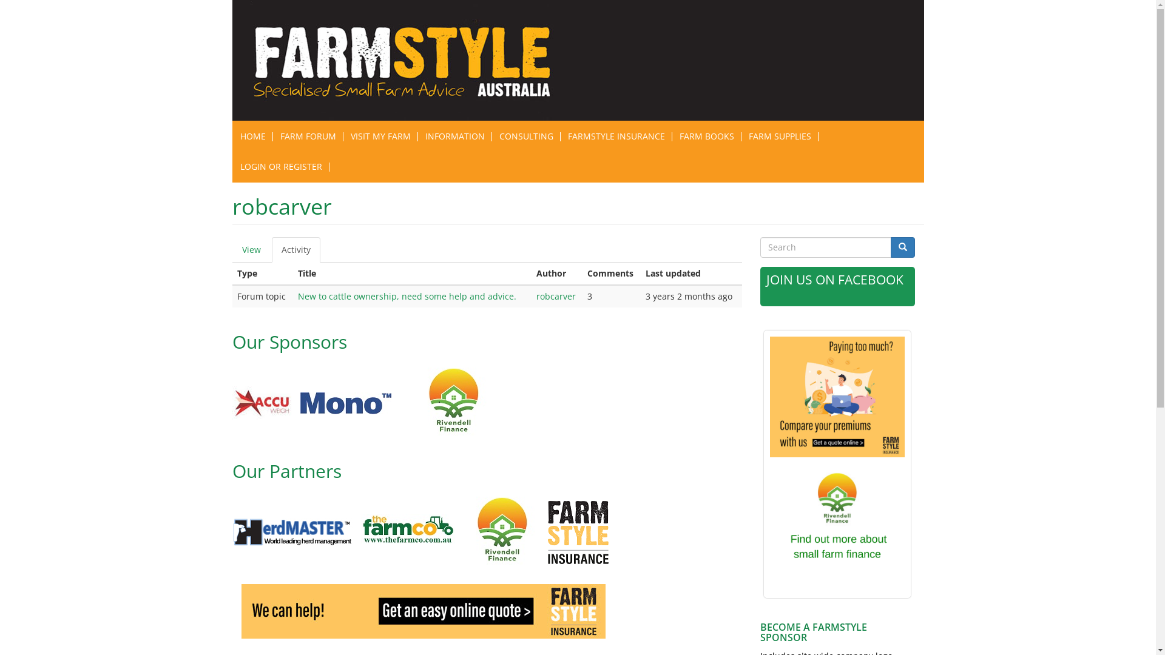 The image size is (1165, 655). What do you see at coordinates (407, 296) in the screenshot?
I see `'New to cattle ownership, need some help and advice.'` at bounding box center [407, 296].